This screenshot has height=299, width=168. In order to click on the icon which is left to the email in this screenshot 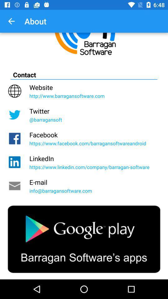, I will do `click(15, 186)`.